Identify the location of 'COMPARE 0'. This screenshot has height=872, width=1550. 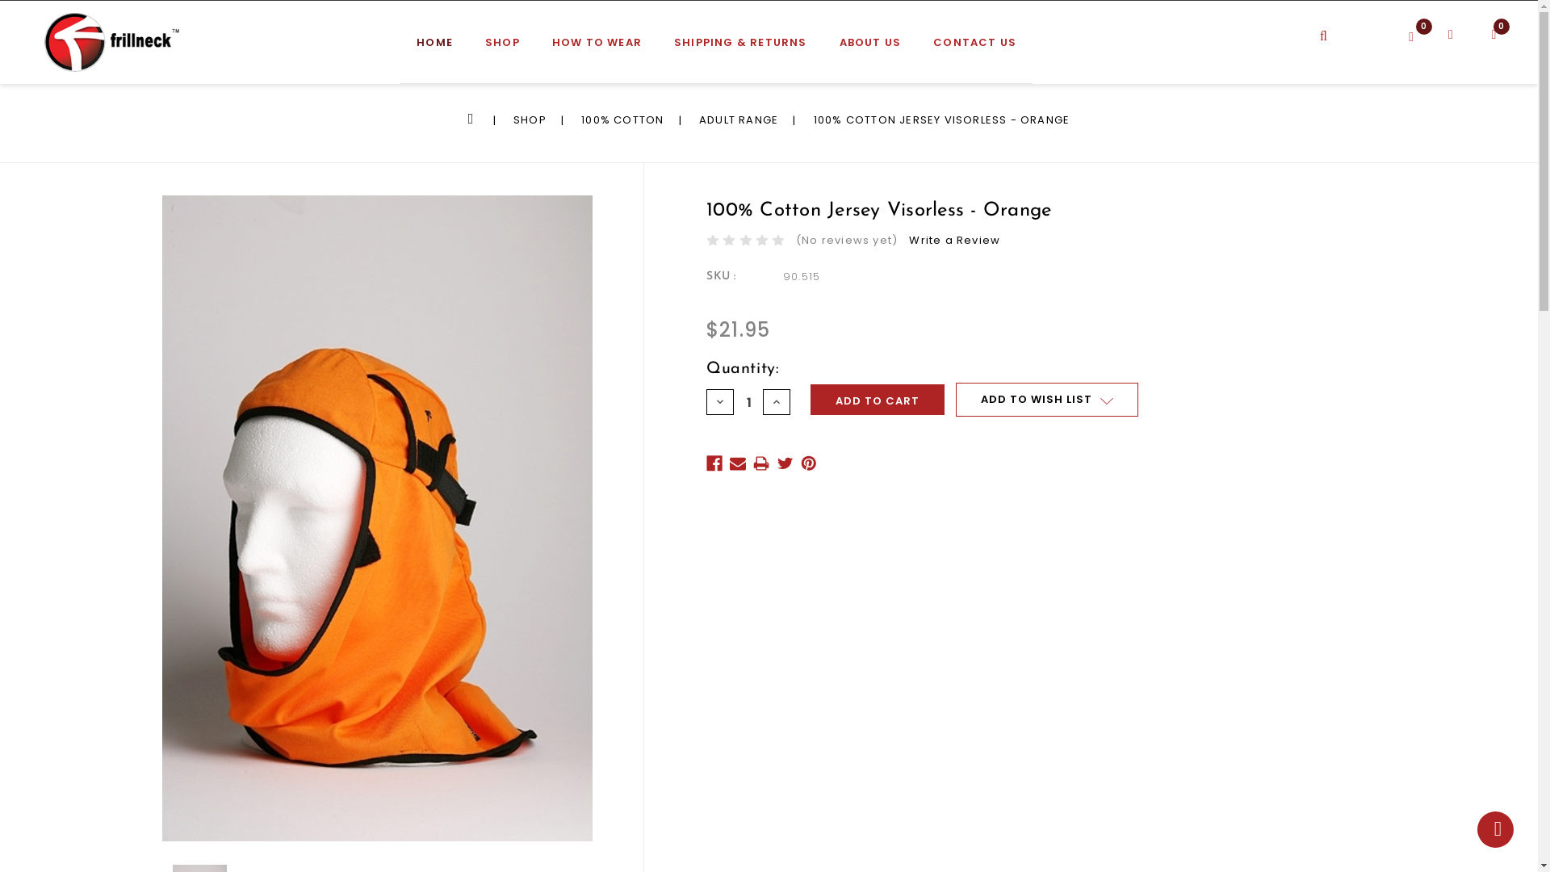
(1424, 33).